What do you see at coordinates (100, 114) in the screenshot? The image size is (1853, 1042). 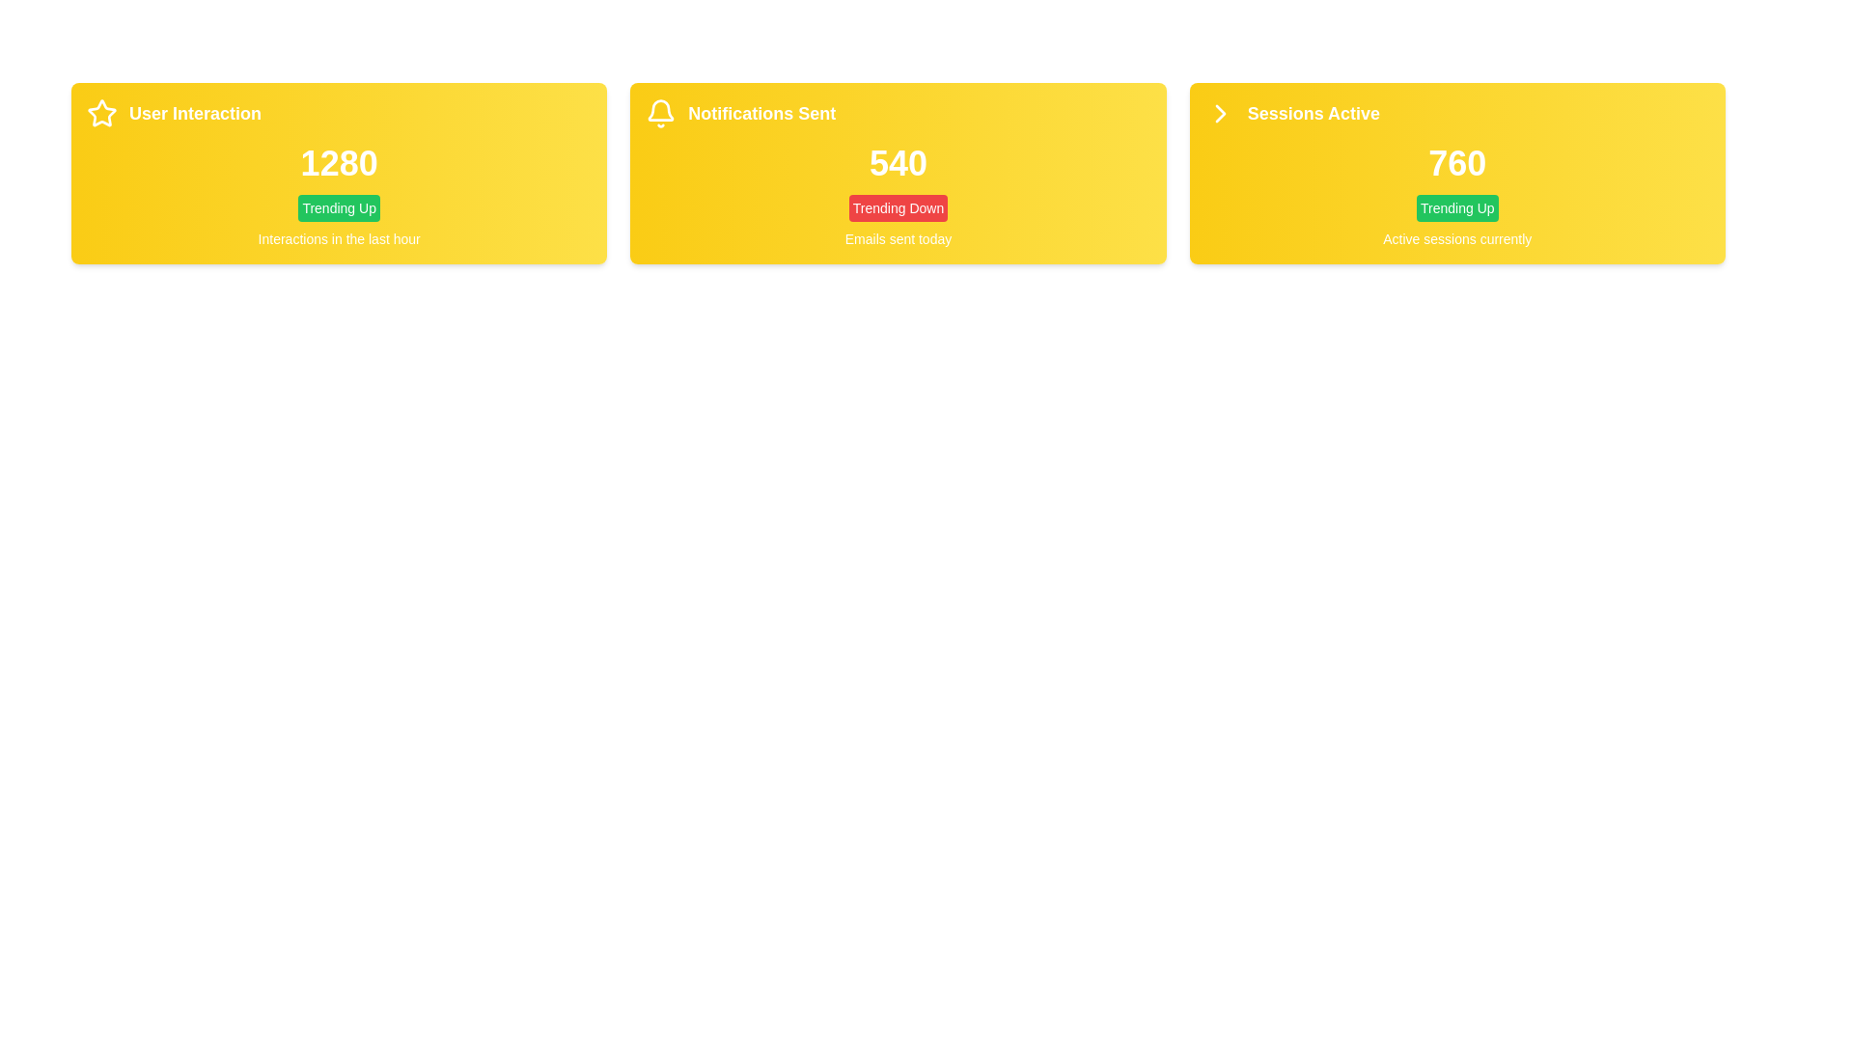 I see `the decorative star icon located at the top left corner of the 'User Interaction' section panel` at bounding box center [100, 114].